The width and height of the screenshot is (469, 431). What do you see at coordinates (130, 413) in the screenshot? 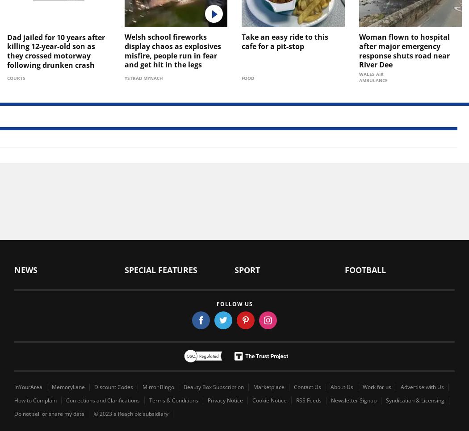
I see `'© 2023 a Reach plc subsidiary'` at bounding box center [130, 413].